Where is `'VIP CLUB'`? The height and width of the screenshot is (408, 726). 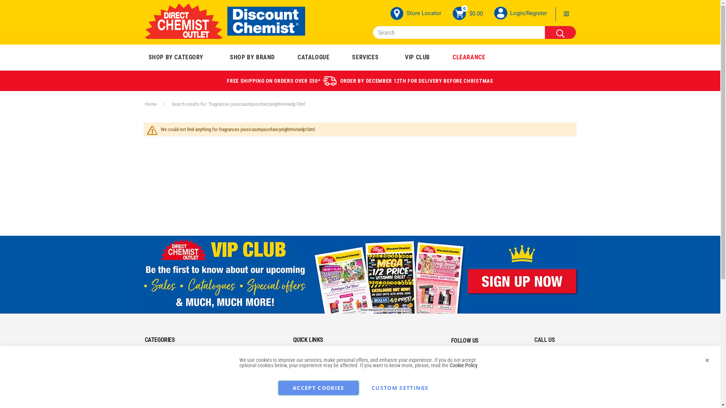
'VIP CLUB' is located at coordinates (417, 57).